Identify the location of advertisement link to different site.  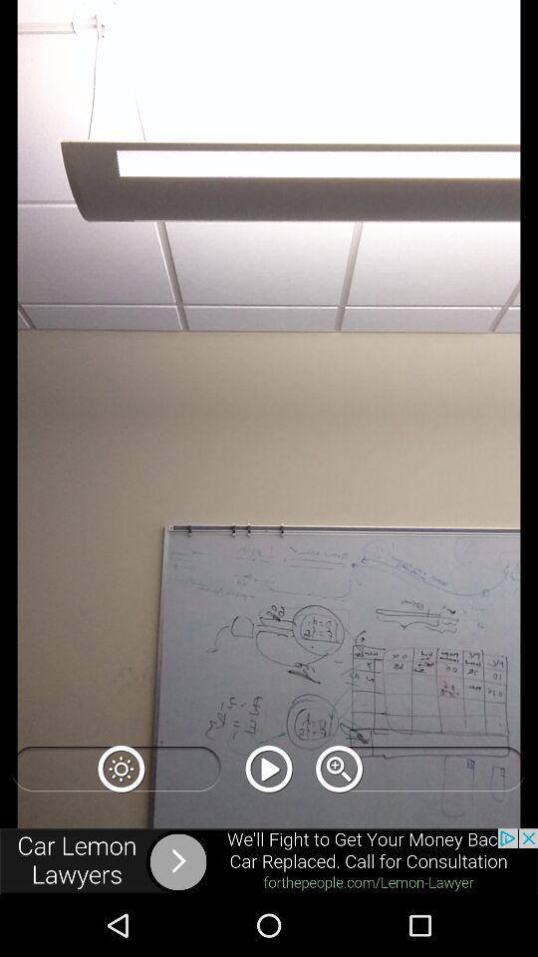
(269, 860).